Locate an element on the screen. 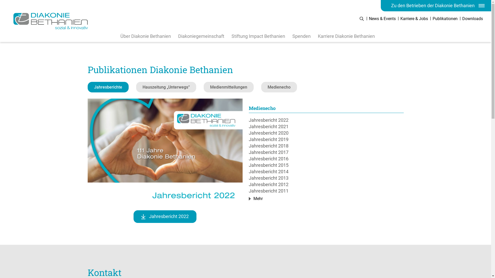  'Karriere Diakonie Bethanien' is located at coordinates (346, 36).